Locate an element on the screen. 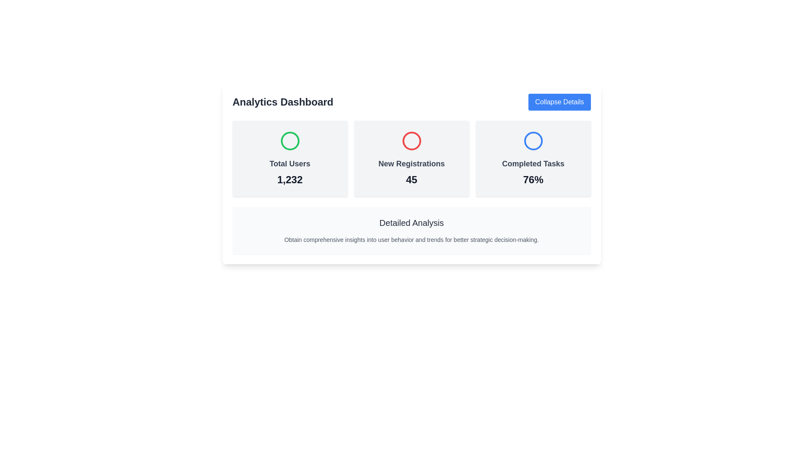  the content of the Informational card displaying 'Completed Tasks' with a blue circular icon at the top and '76%' in bold black at the bottom is located at coordinates (533, 158).